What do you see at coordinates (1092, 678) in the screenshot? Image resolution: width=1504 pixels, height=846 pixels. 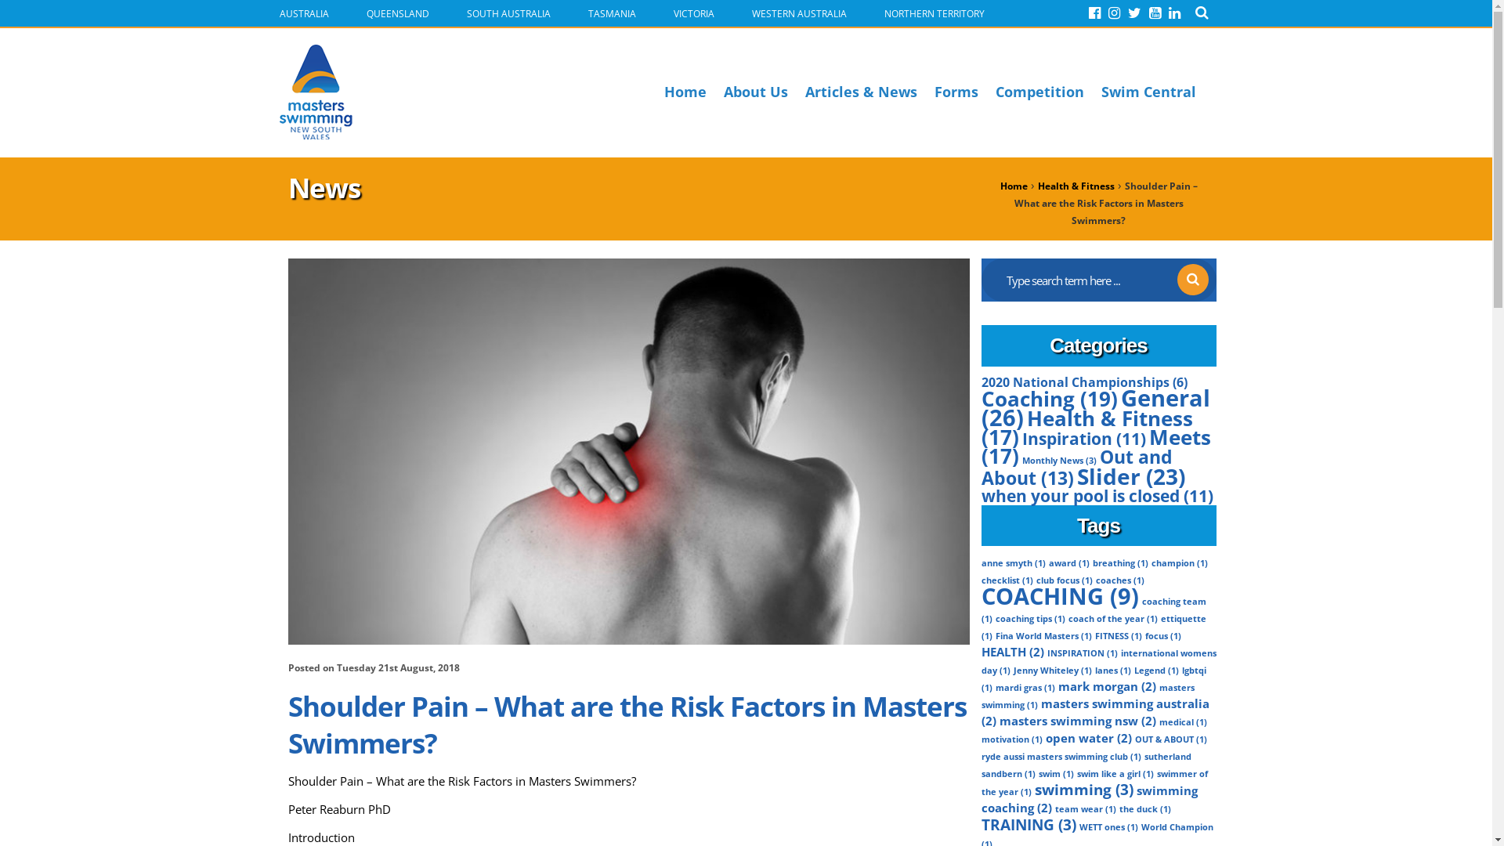 I see `'lgbtqi (1)'` at bounding box center [1092, 678].